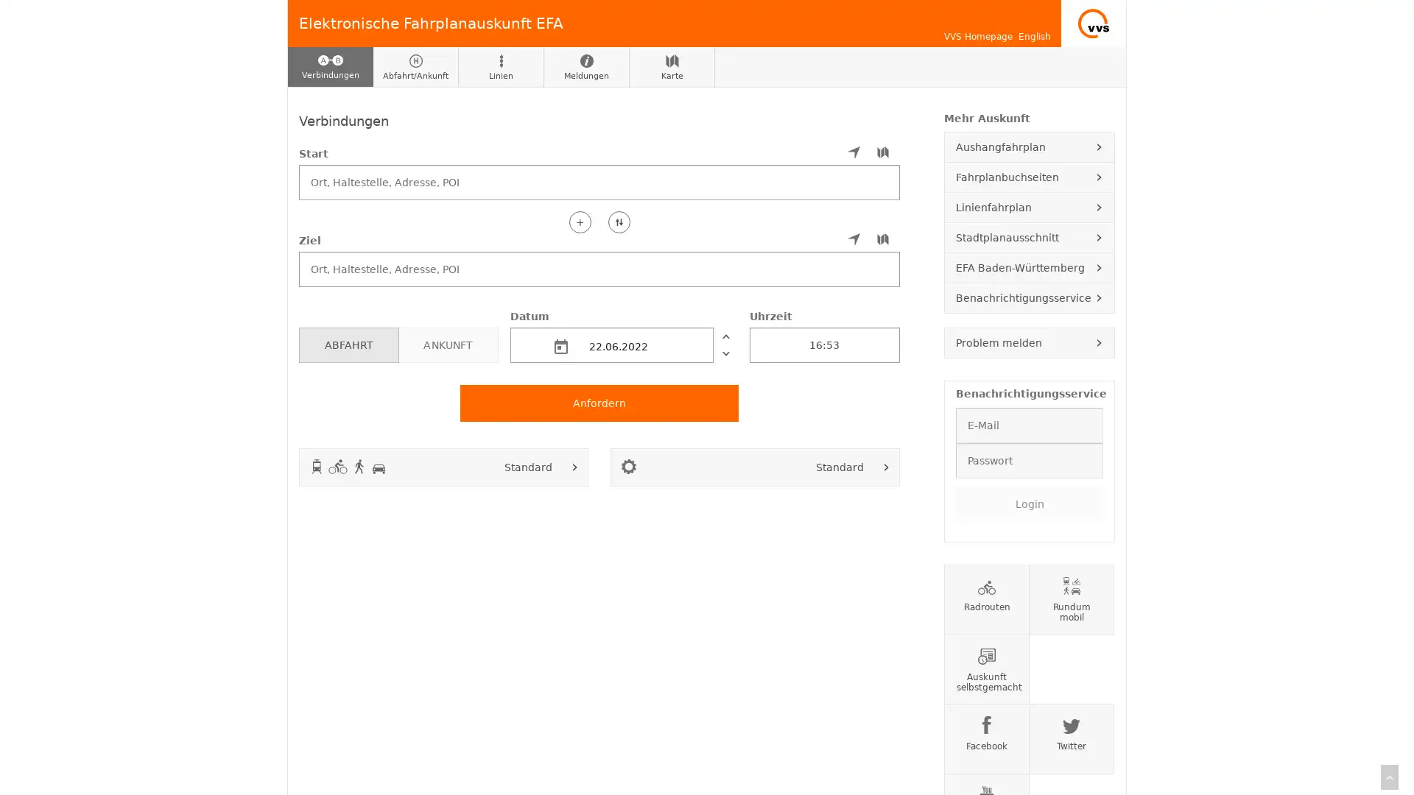 This screenshot has height=795, width=1414. I want to click on ANKUNFT, so click(447, 344).